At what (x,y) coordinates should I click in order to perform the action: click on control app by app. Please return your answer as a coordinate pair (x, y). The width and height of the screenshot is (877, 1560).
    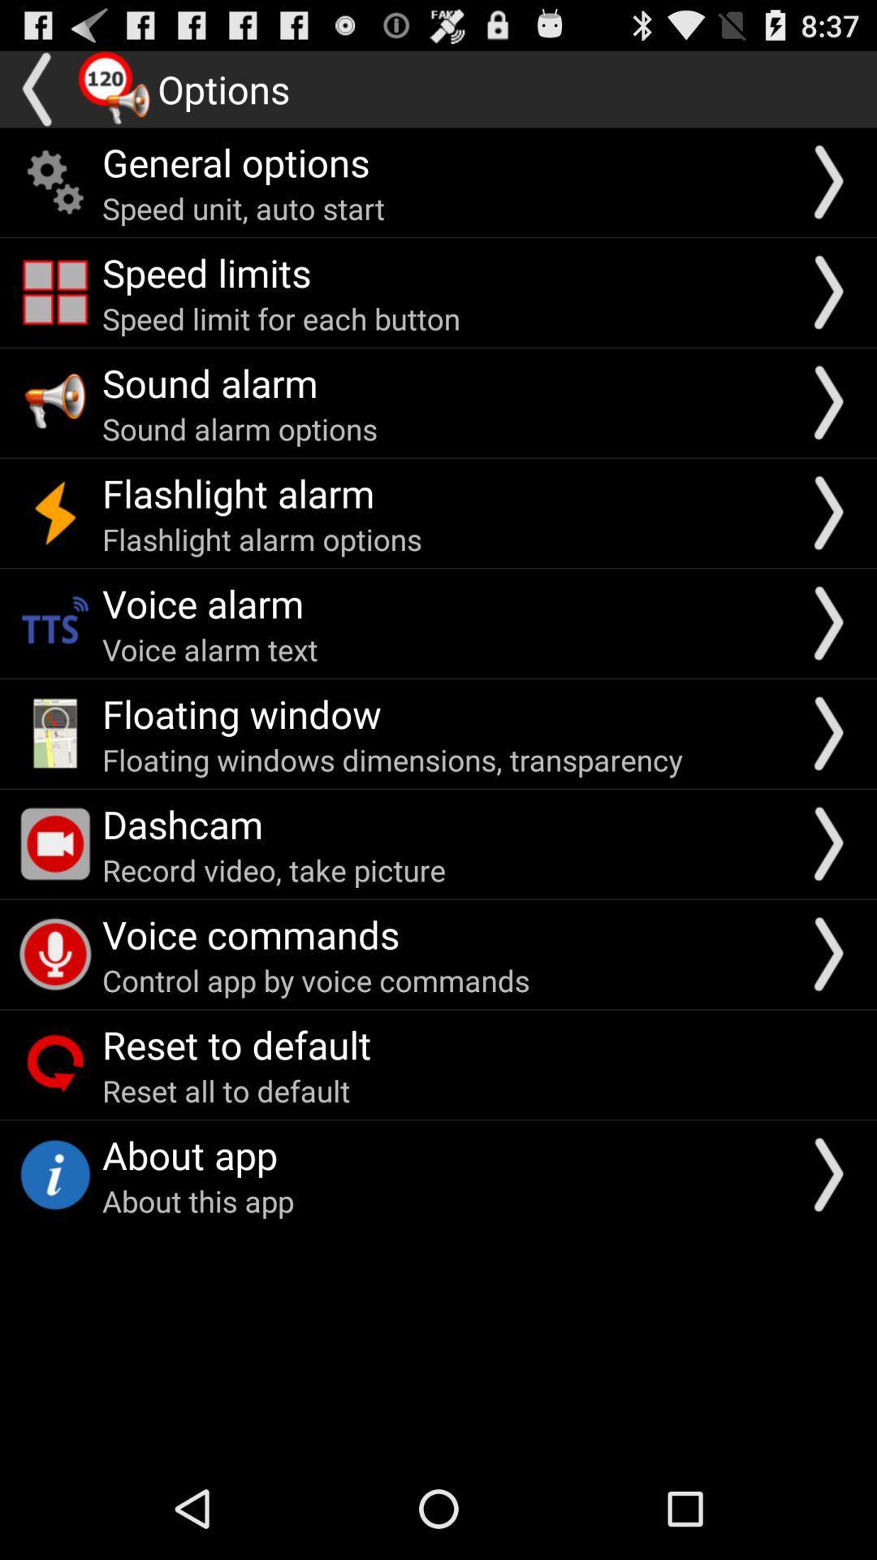
    Looking at the image, I should click on (316, 979).